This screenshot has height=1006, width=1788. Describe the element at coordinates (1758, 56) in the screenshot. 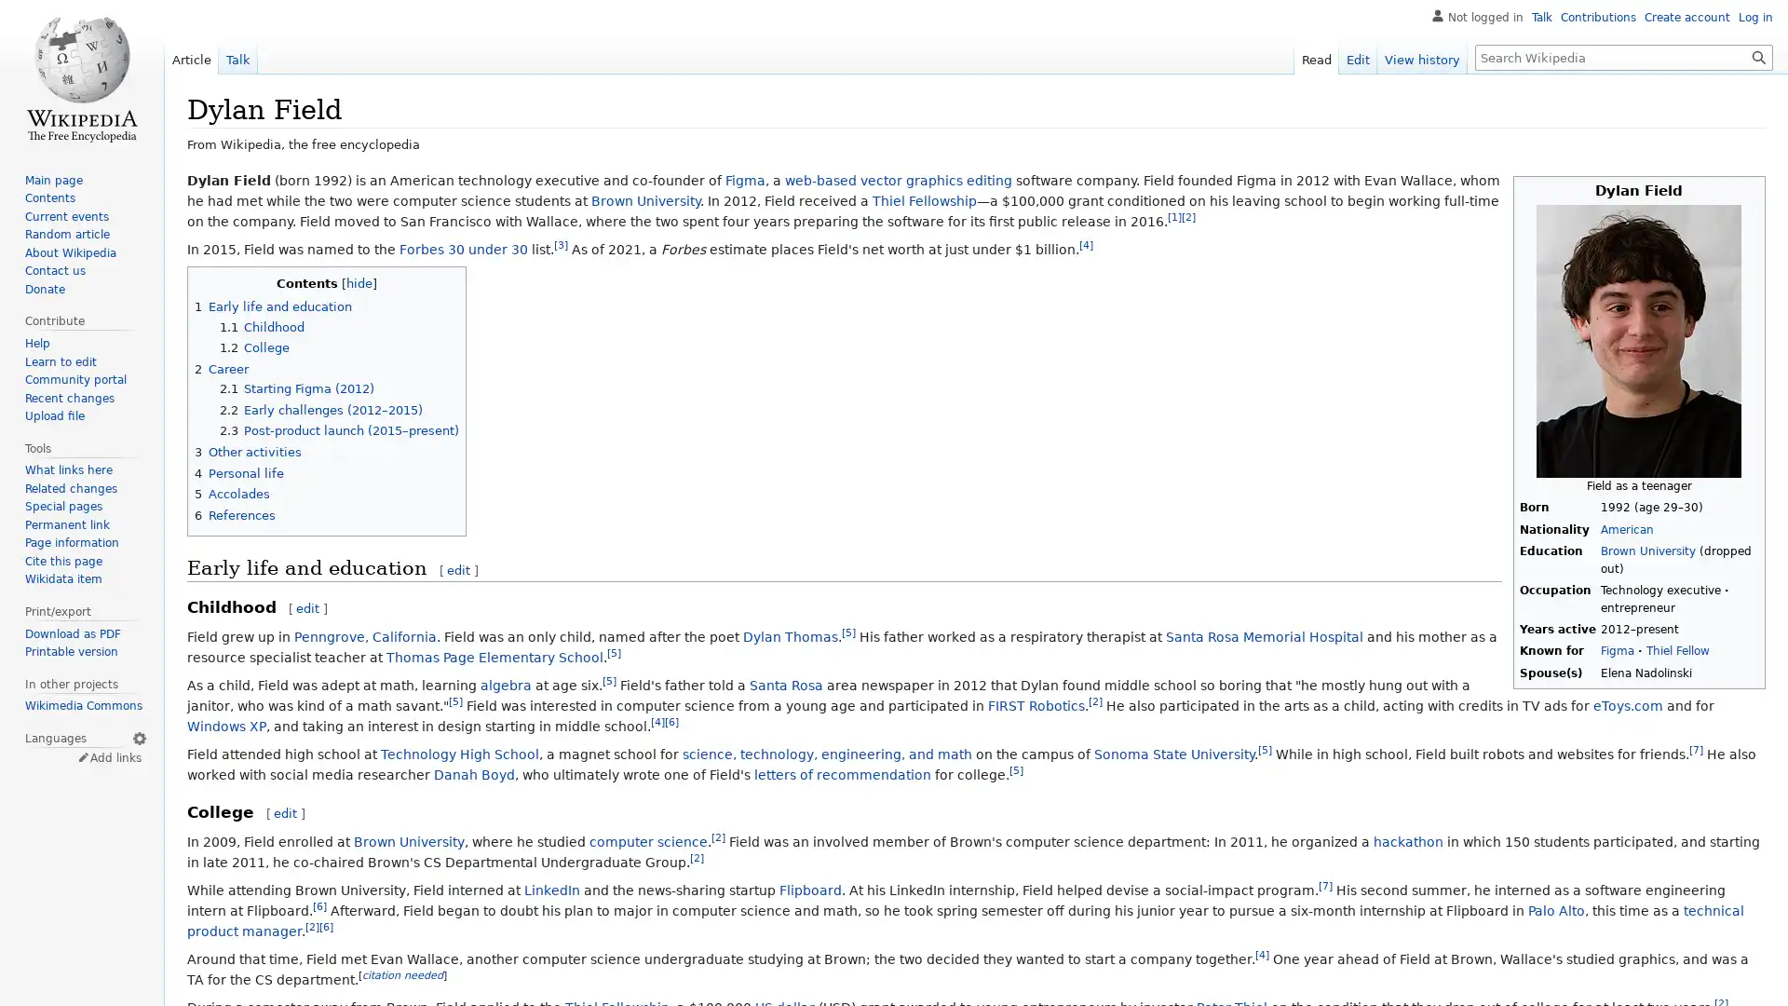

I see `Go` at that location.